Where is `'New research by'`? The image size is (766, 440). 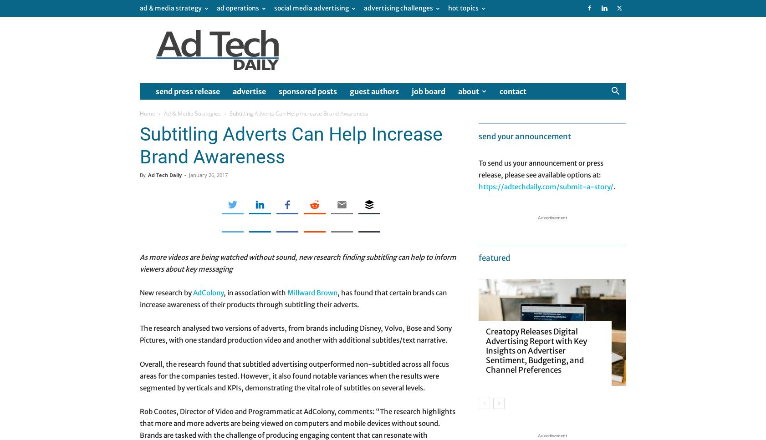 'New research by' is located at coordinates (166, 292).